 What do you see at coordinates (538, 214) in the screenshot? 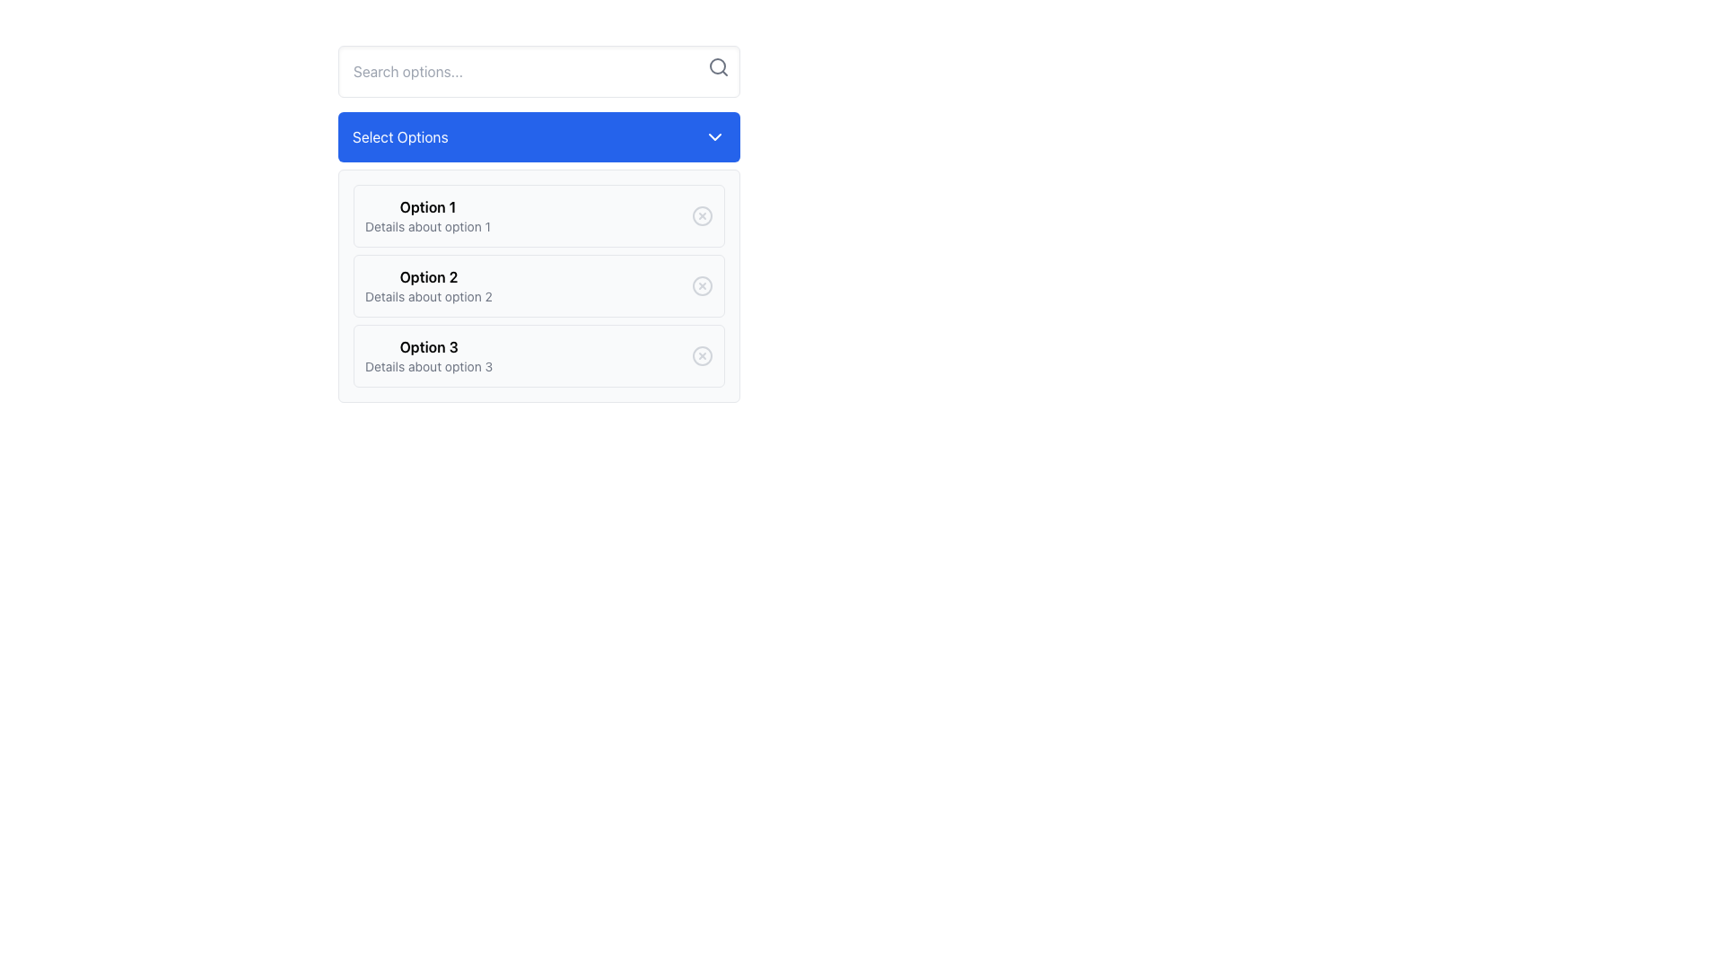
I see `to select the topmost option in the vertical selectable list, located below the 'Select Options' button` at bounding box center [538, 214].